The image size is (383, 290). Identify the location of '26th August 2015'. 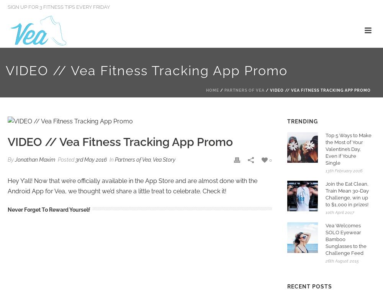
(325, 261).